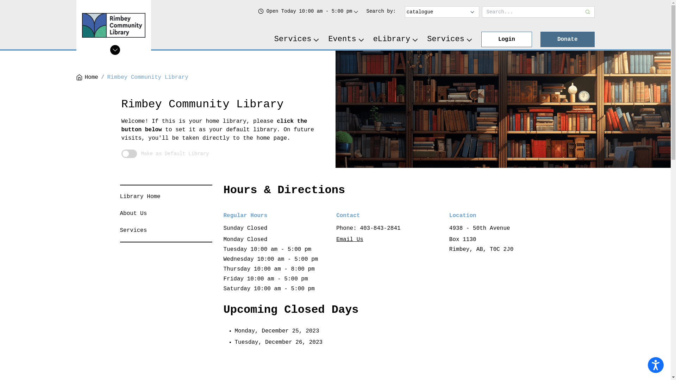 The height and width of the screenshot is (380, 676). What do you see at coordinates (120, 230) in the screenshot?
I see `'Services'` at bounding box center [120, 230].